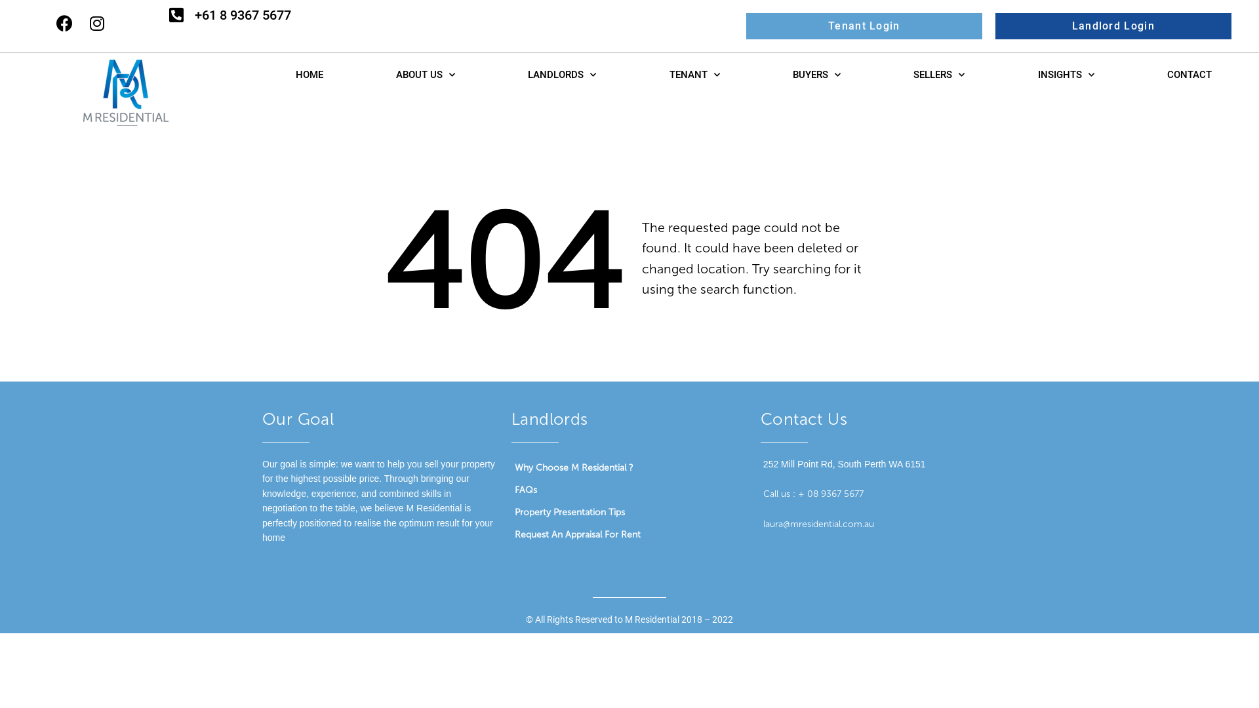 The height and width of the screenshot is (708, 1259). Describe the element at coordinates (1189, 75) in the screenshot. I see `'CONTACT'` at that location.